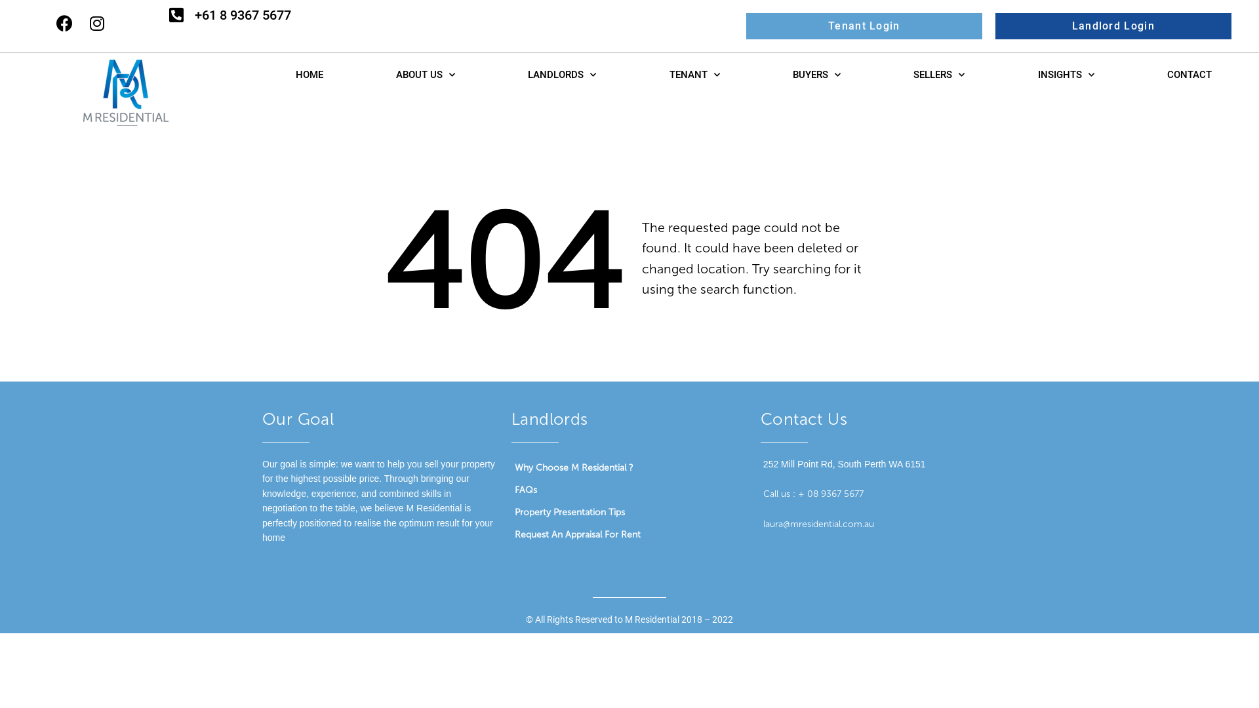 The height and width of the screenshot is (708, 1259). Describe the element at coordinates (1189, 75) in the screenshot. I see `'CONTACT'` at that location.